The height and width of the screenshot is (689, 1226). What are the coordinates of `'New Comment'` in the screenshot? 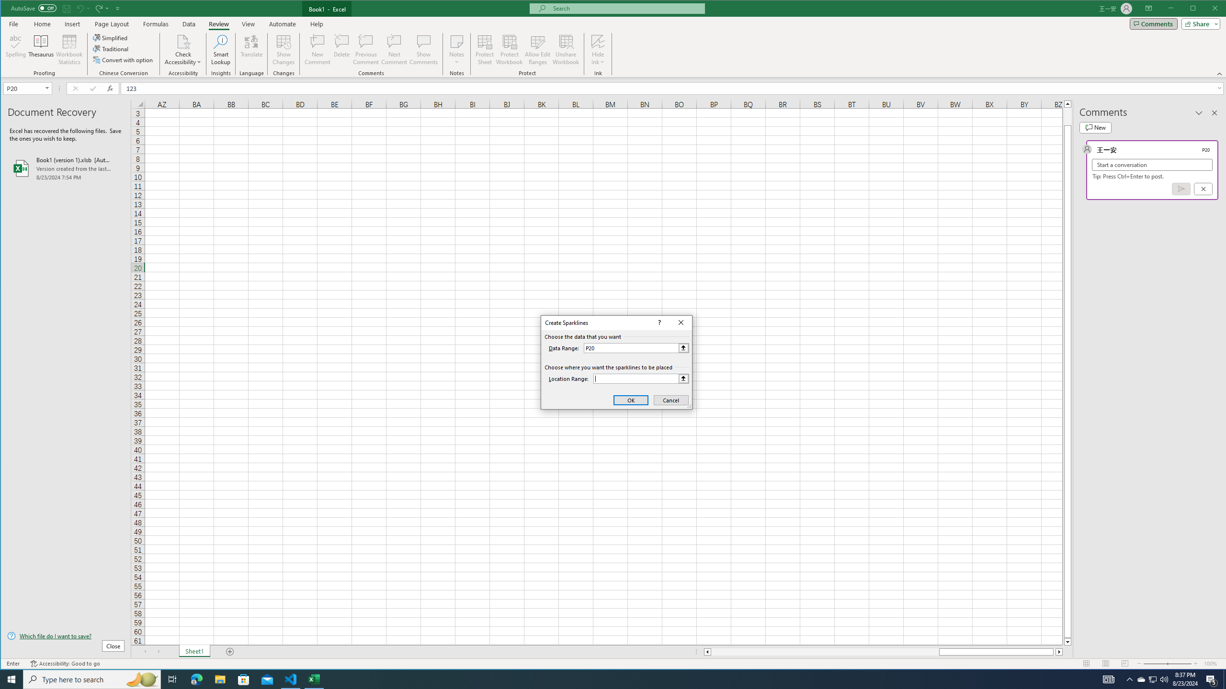 It's located at (318, 49).